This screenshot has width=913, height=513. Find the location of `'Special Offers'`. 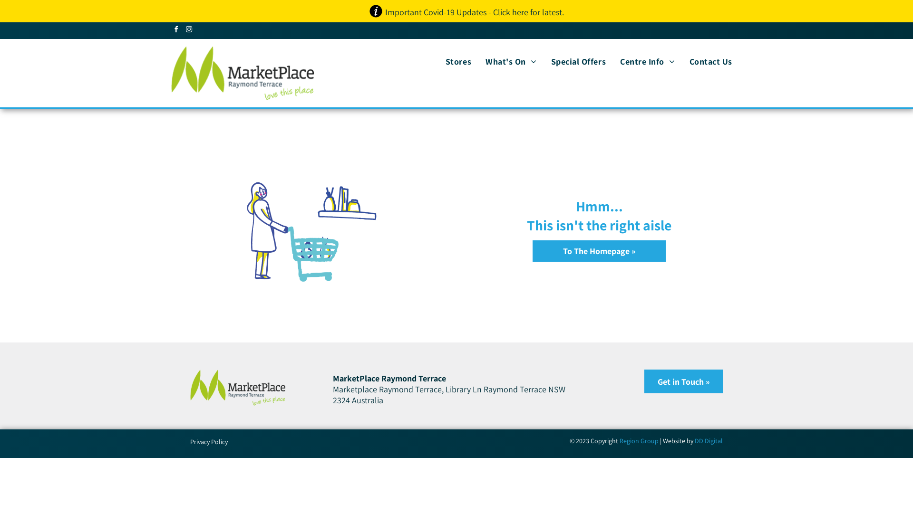

'Special Offers' is located at coordinates (578, 61).